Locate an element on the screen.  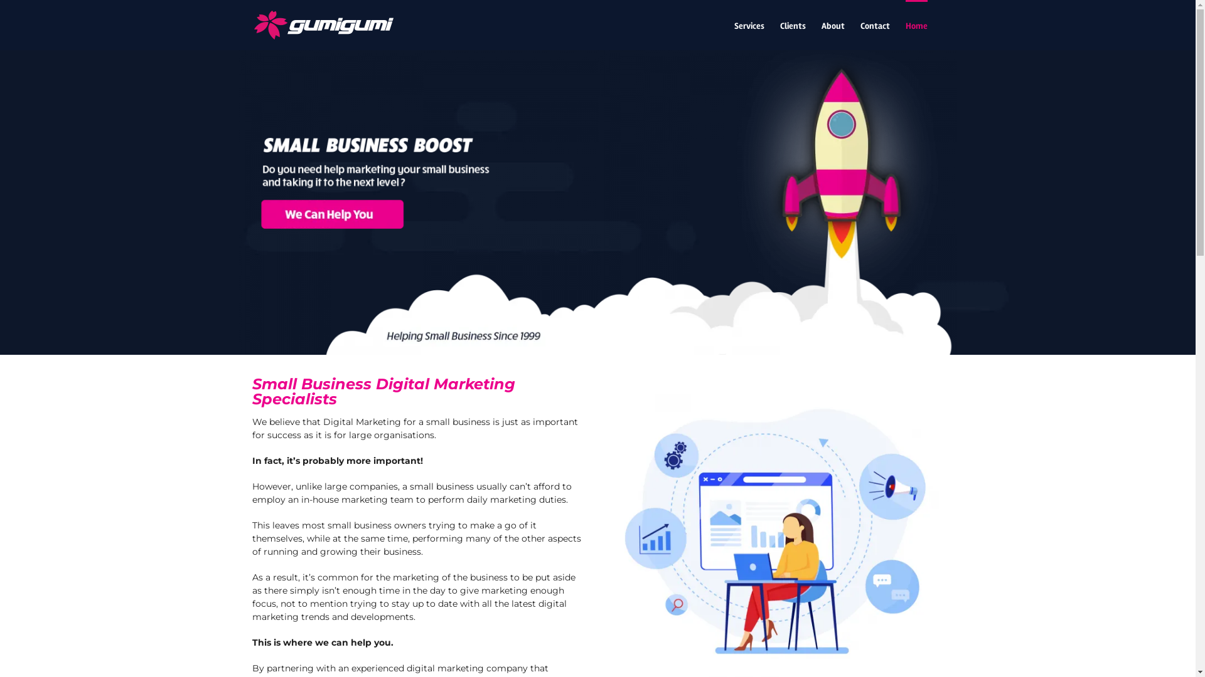
'Clients' is located at coordinates (791, 24).